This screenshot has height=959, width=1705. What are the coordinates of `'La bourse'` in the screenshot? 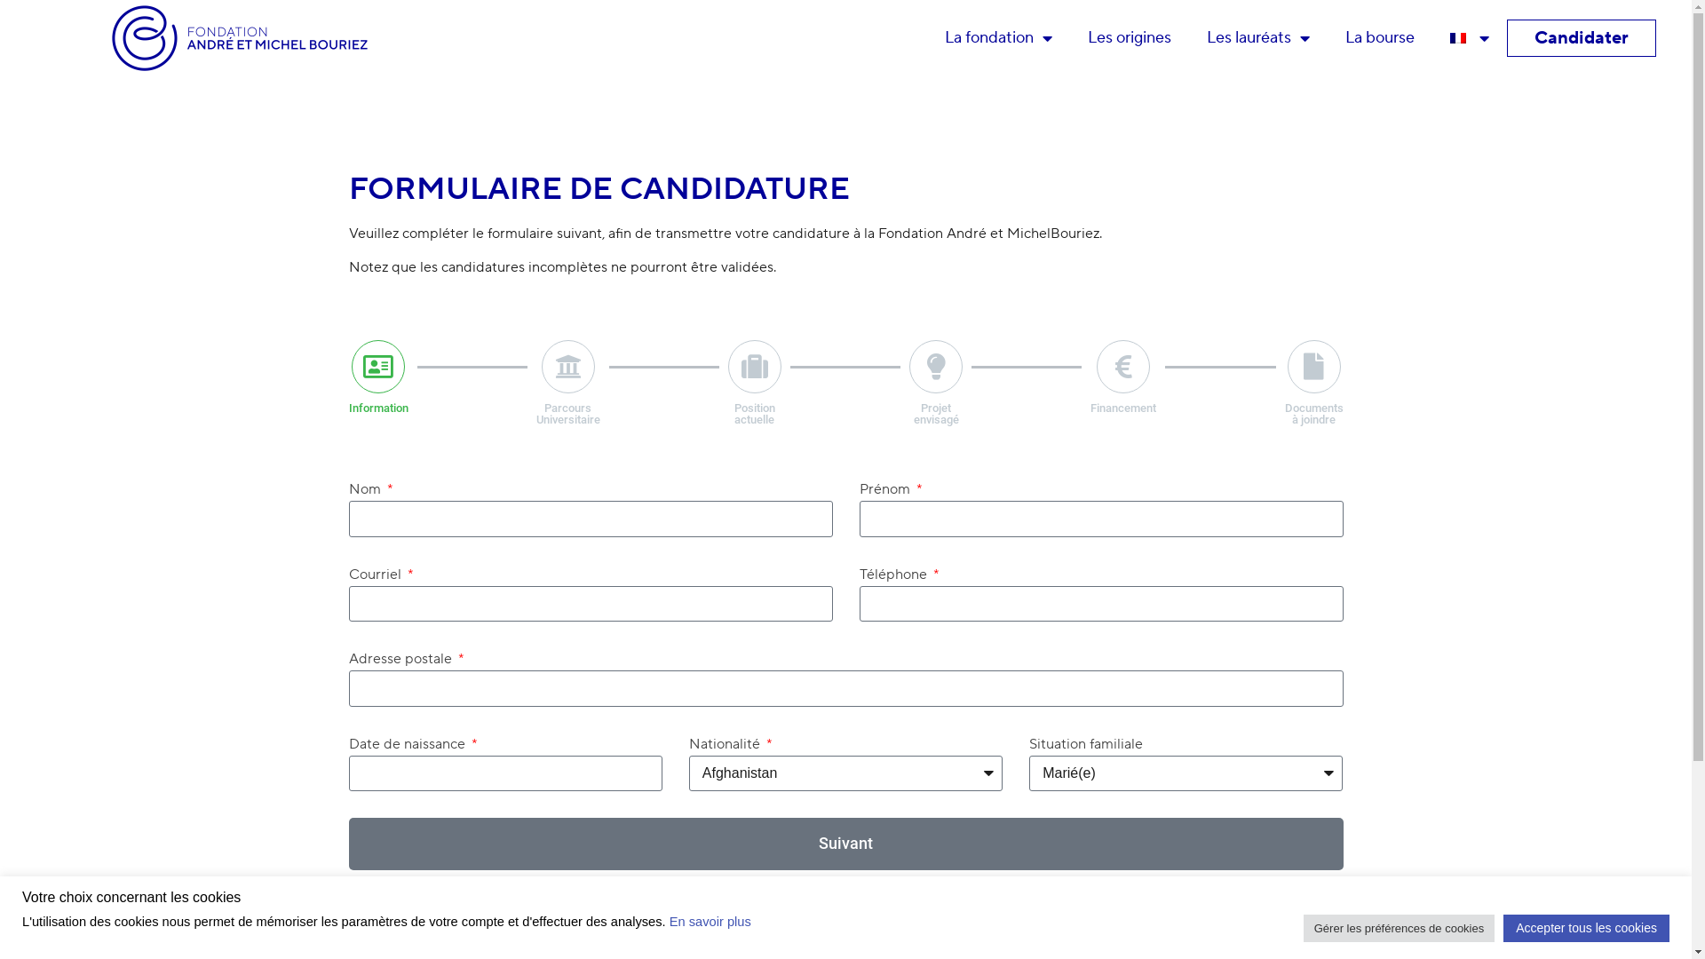 It's located at (1327, 37).